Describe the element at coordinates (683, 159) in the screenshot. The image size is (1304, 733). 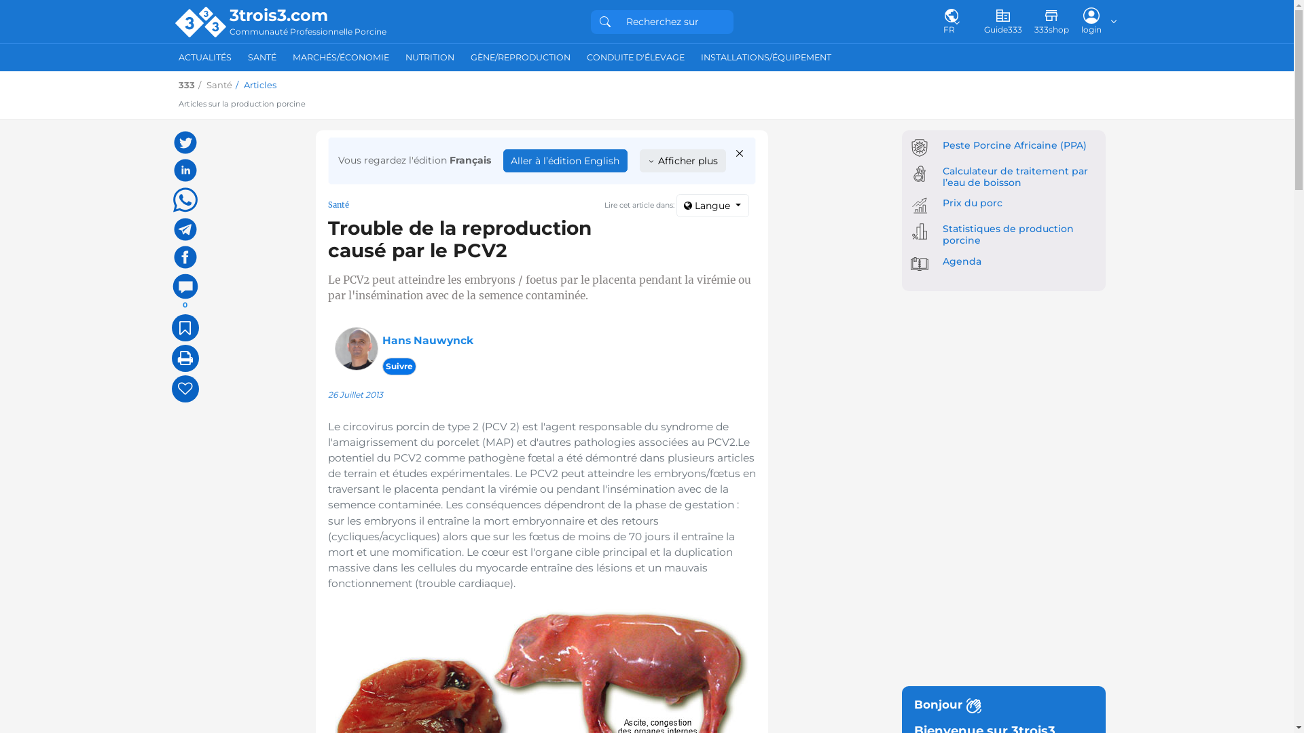
I see `'Afficher plus'` at that location.